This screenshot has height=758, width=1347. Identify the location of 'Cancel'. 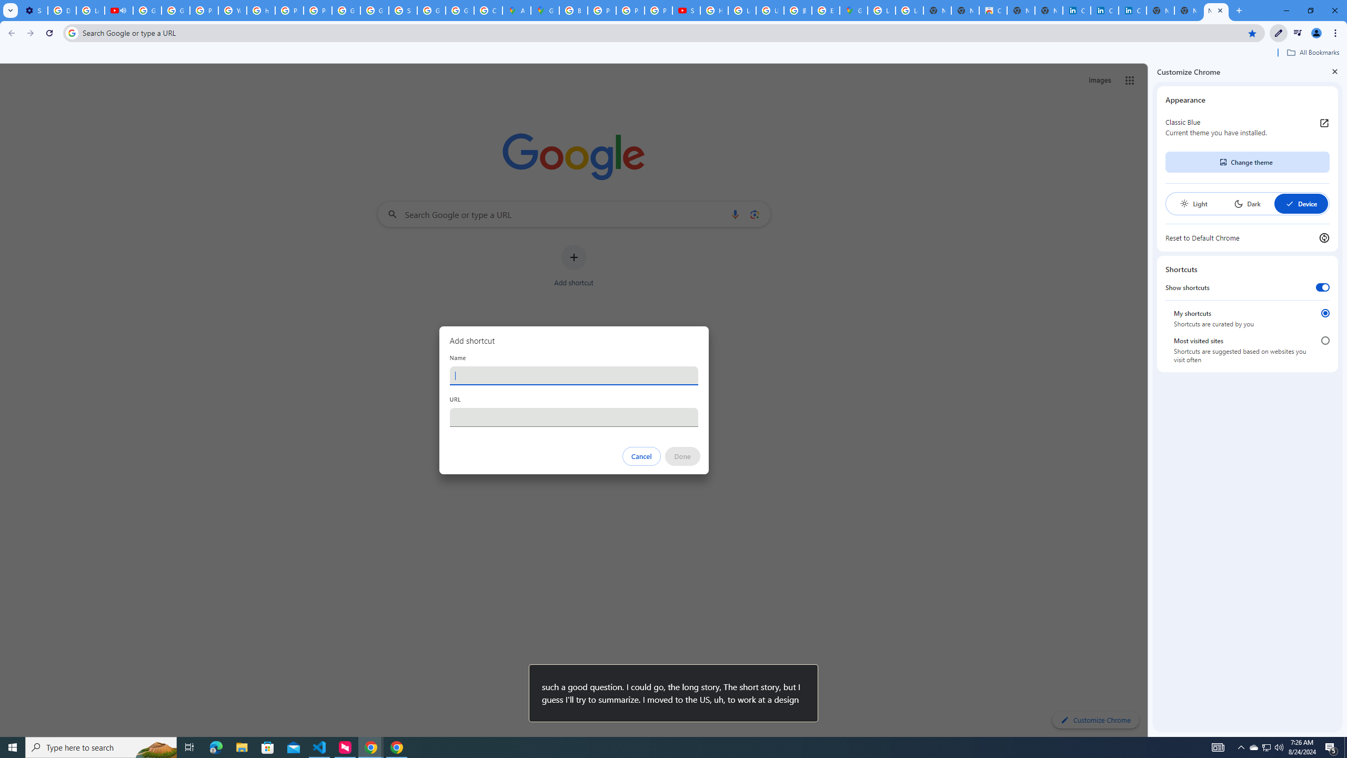
(641, 456).